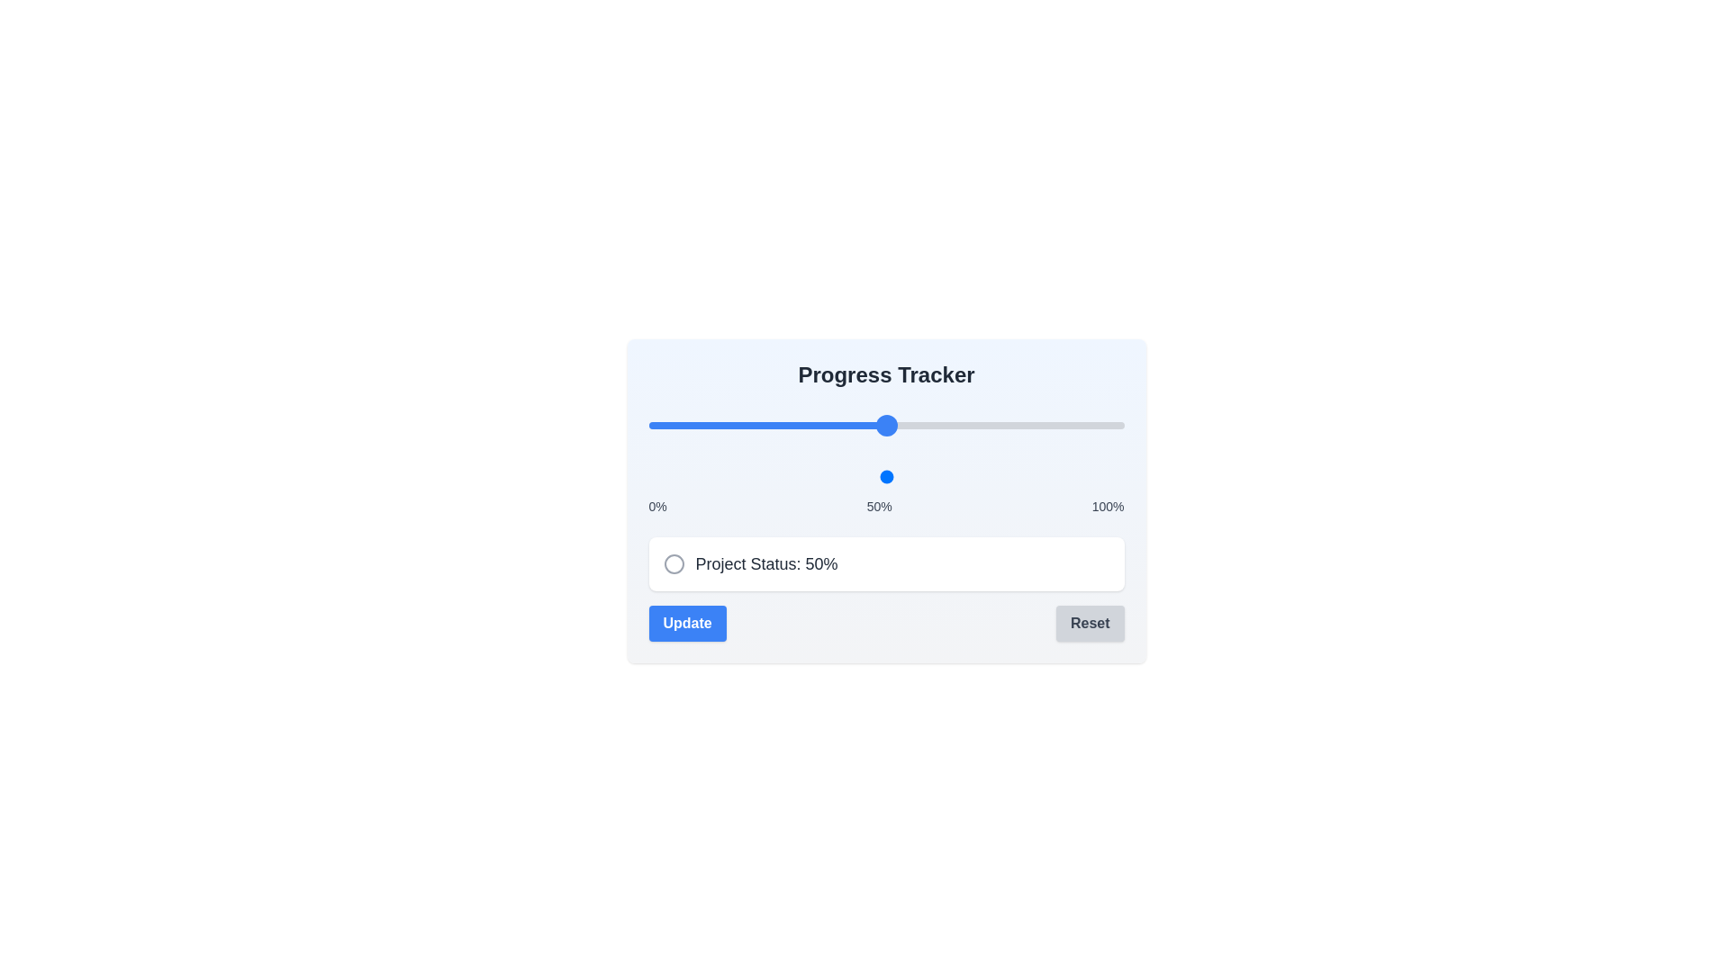  Describe the element at coordinates (1000, 426) in the screenshot. I see `the progress slider to set the progress to 74%` at that location.